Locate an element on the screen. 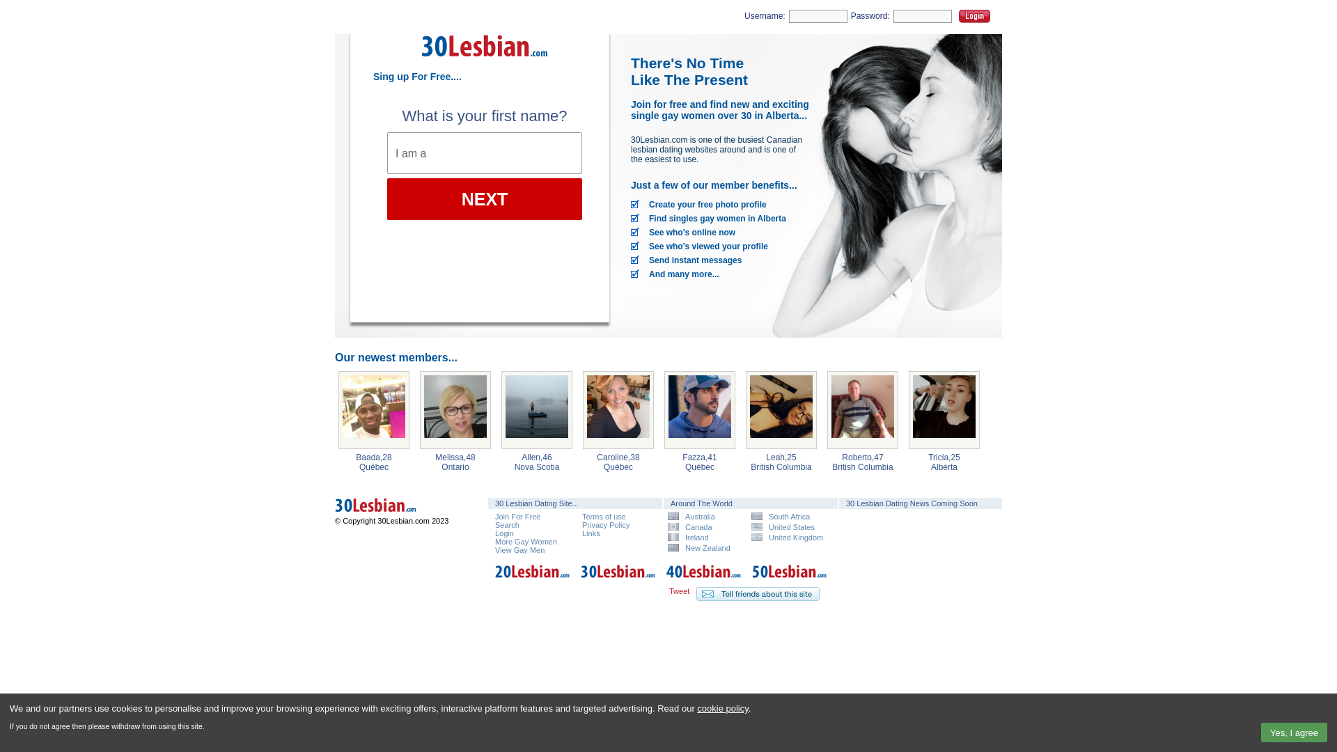  'United States' is located at coordinates (751, 526).